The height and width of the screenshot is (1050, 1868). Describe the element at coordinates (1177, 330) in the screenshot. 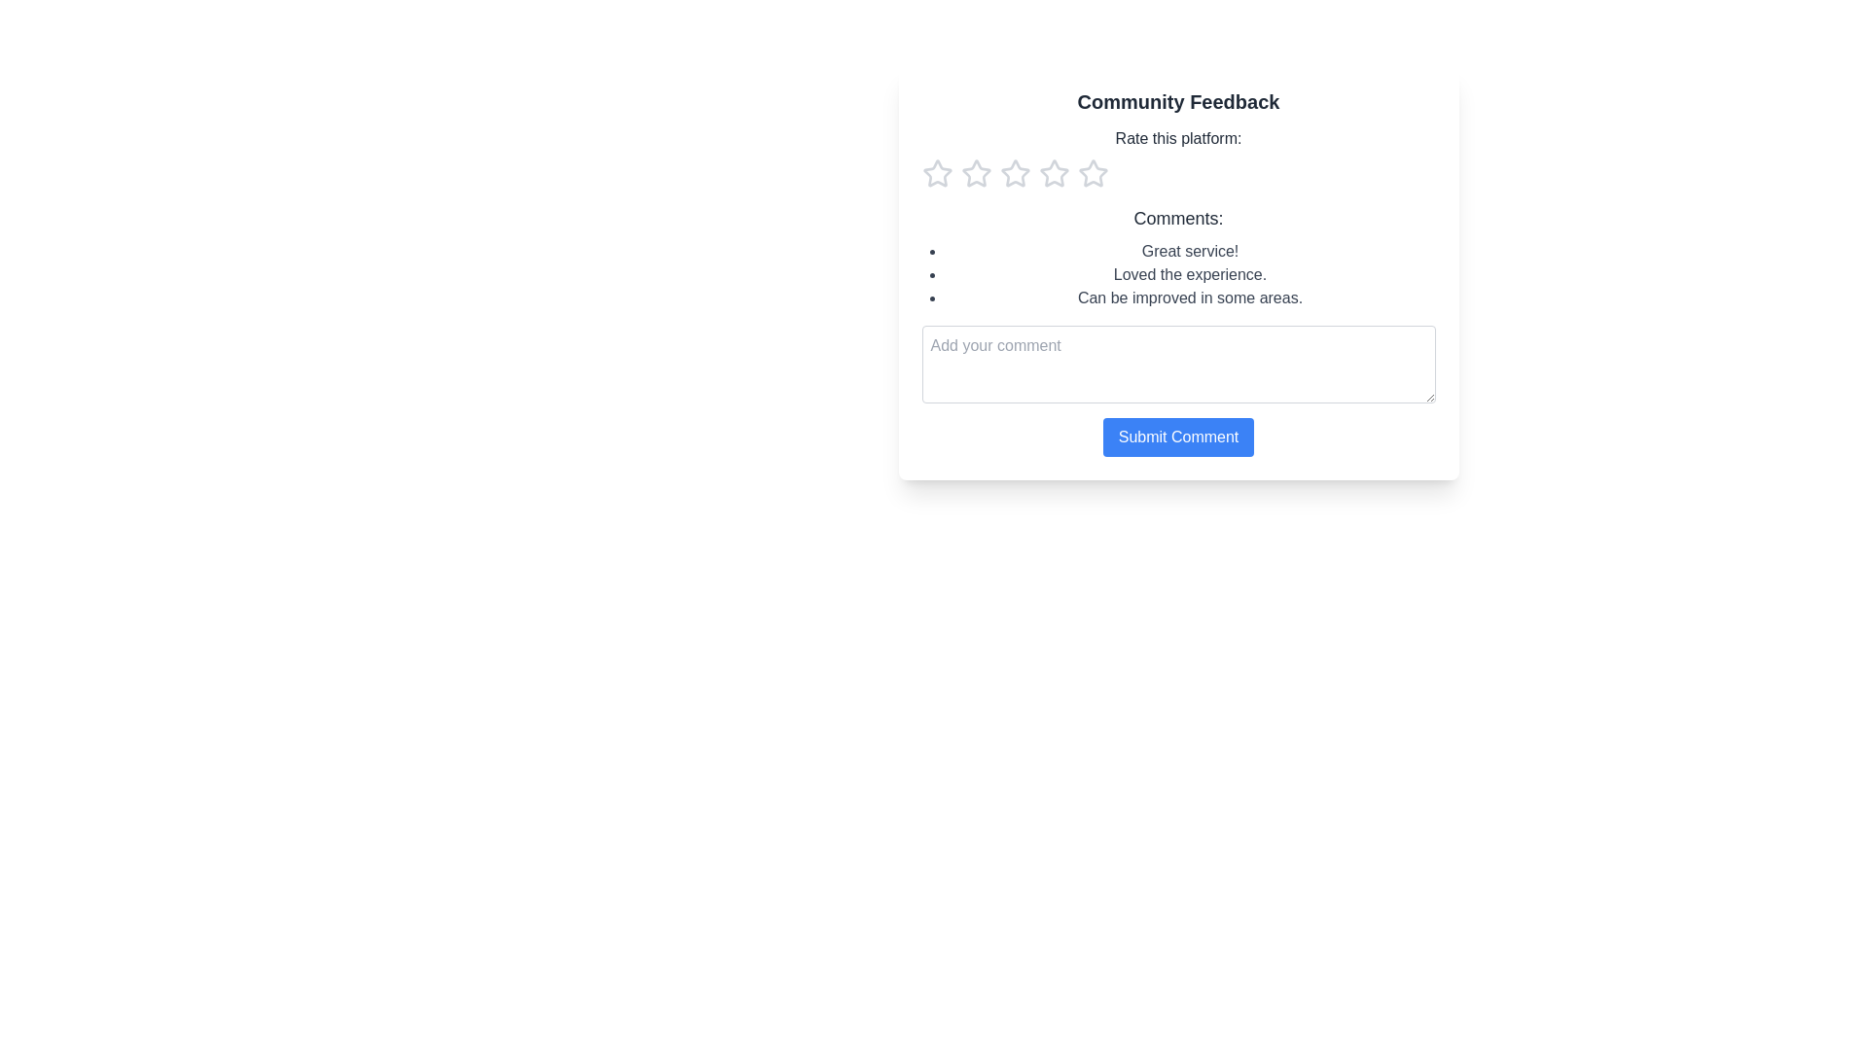

I see `the 'Comments:' section's input area to submit a comment` at that location.